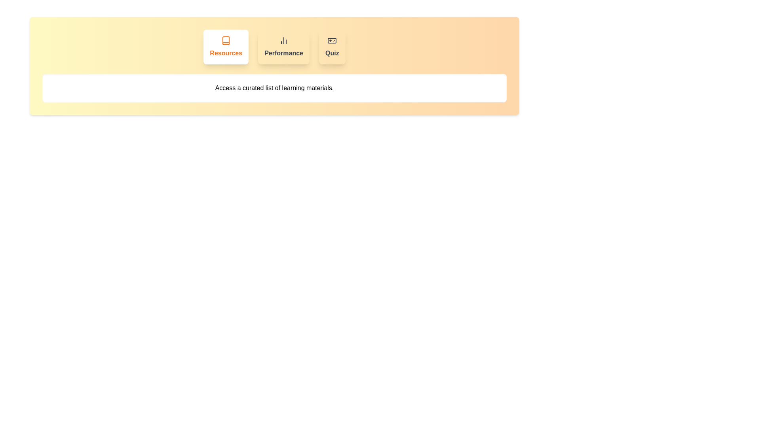 Image resolution: width=760 pixels, height=427 pixels. I want to click on the Resources tab, so click(226, 47).